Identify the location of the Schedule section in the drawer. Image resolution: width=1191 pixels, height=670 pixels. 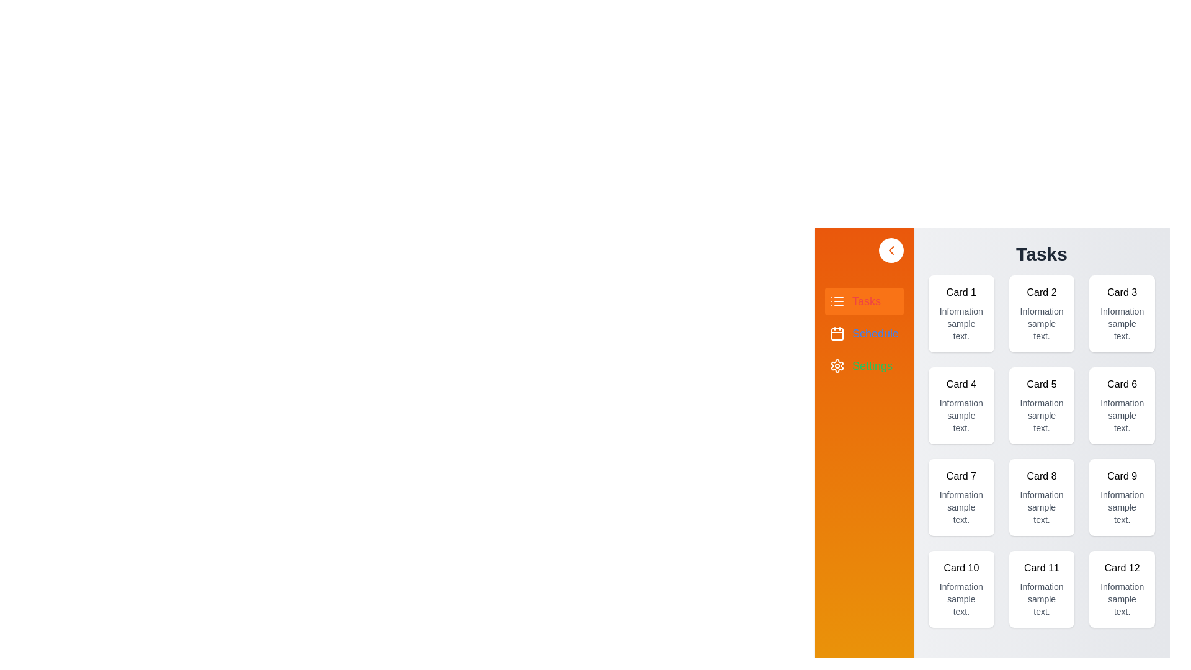
(863, 333).